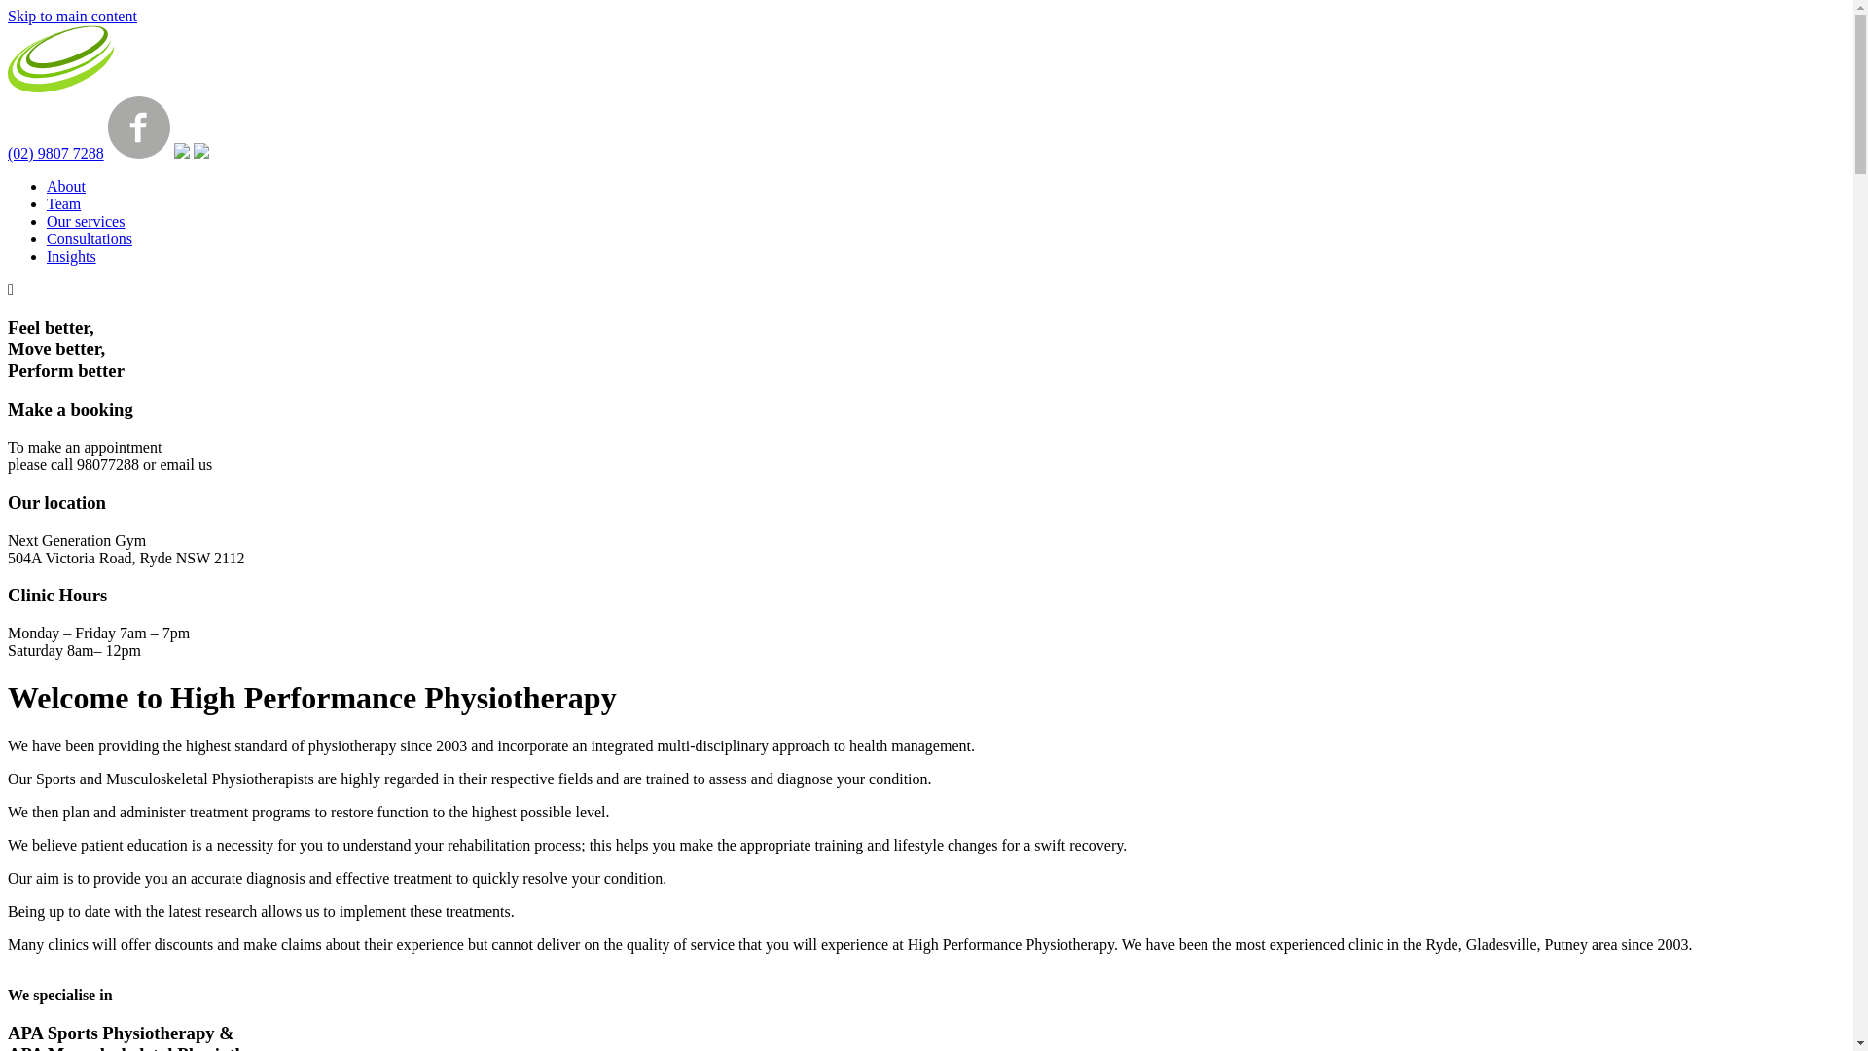  Describe the element at coordinates (84, 220) in the screenshot. I see `'Our services'` at that location.